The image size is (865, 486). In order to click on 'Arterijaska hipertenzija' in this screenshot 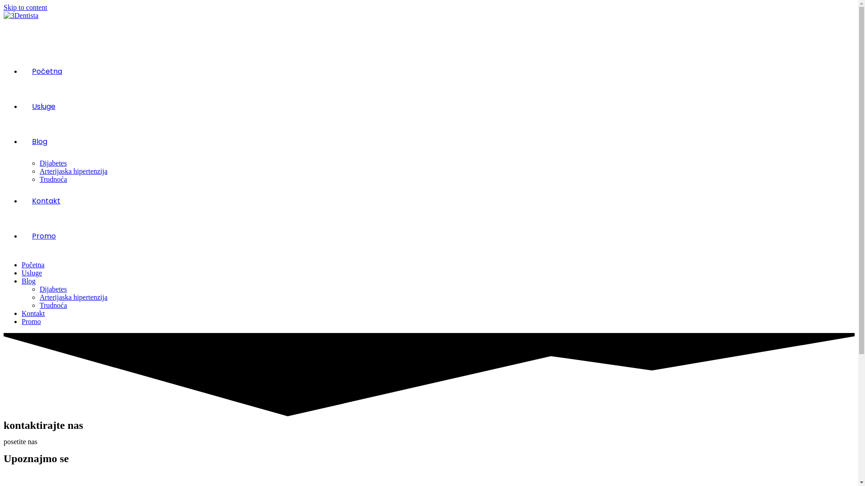, I will do `click(73, 171)`.